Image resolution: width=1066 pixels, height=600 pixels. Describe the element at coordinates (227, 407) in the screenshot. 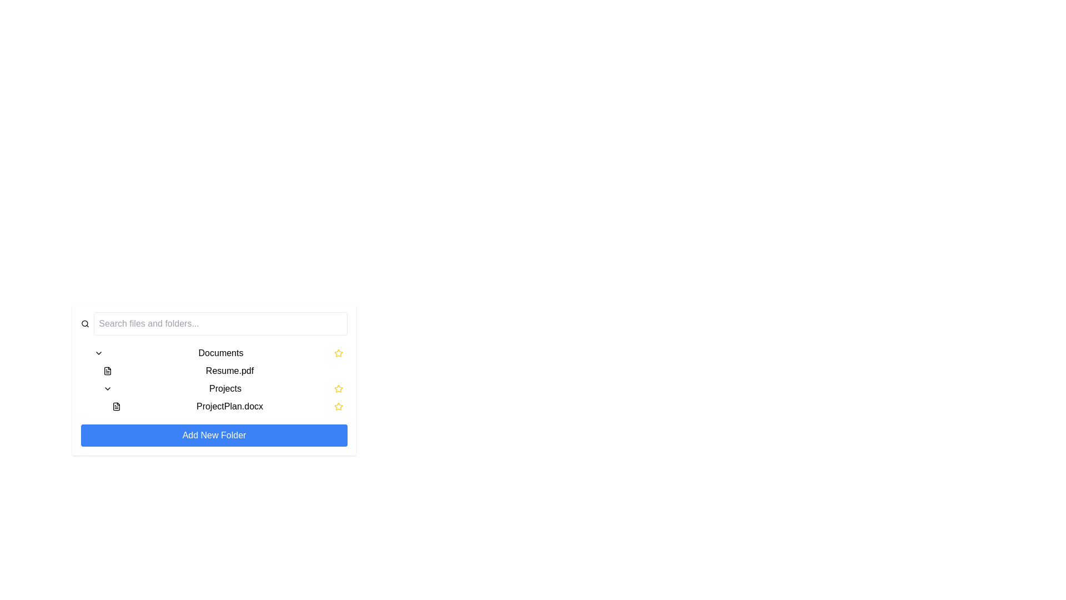

I see `the list item displaying the file 'ProjectPlan.docx'` at that location.